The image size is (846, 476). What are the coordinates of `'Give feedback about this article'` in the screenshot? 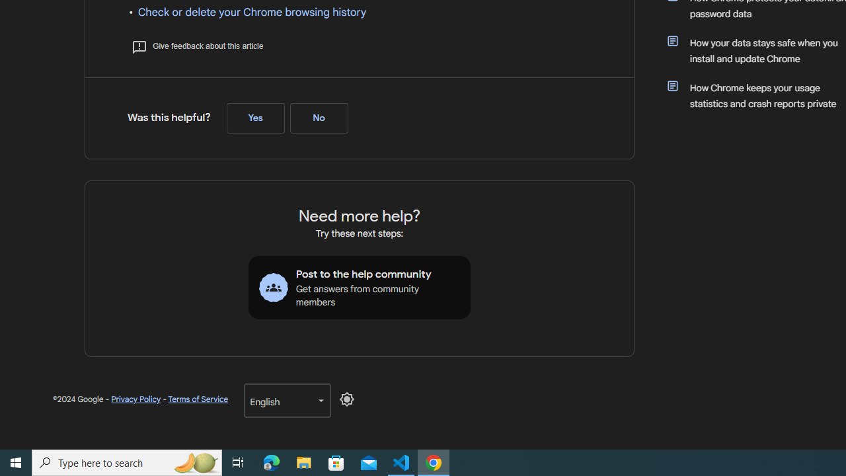 It's located at (196, 45).